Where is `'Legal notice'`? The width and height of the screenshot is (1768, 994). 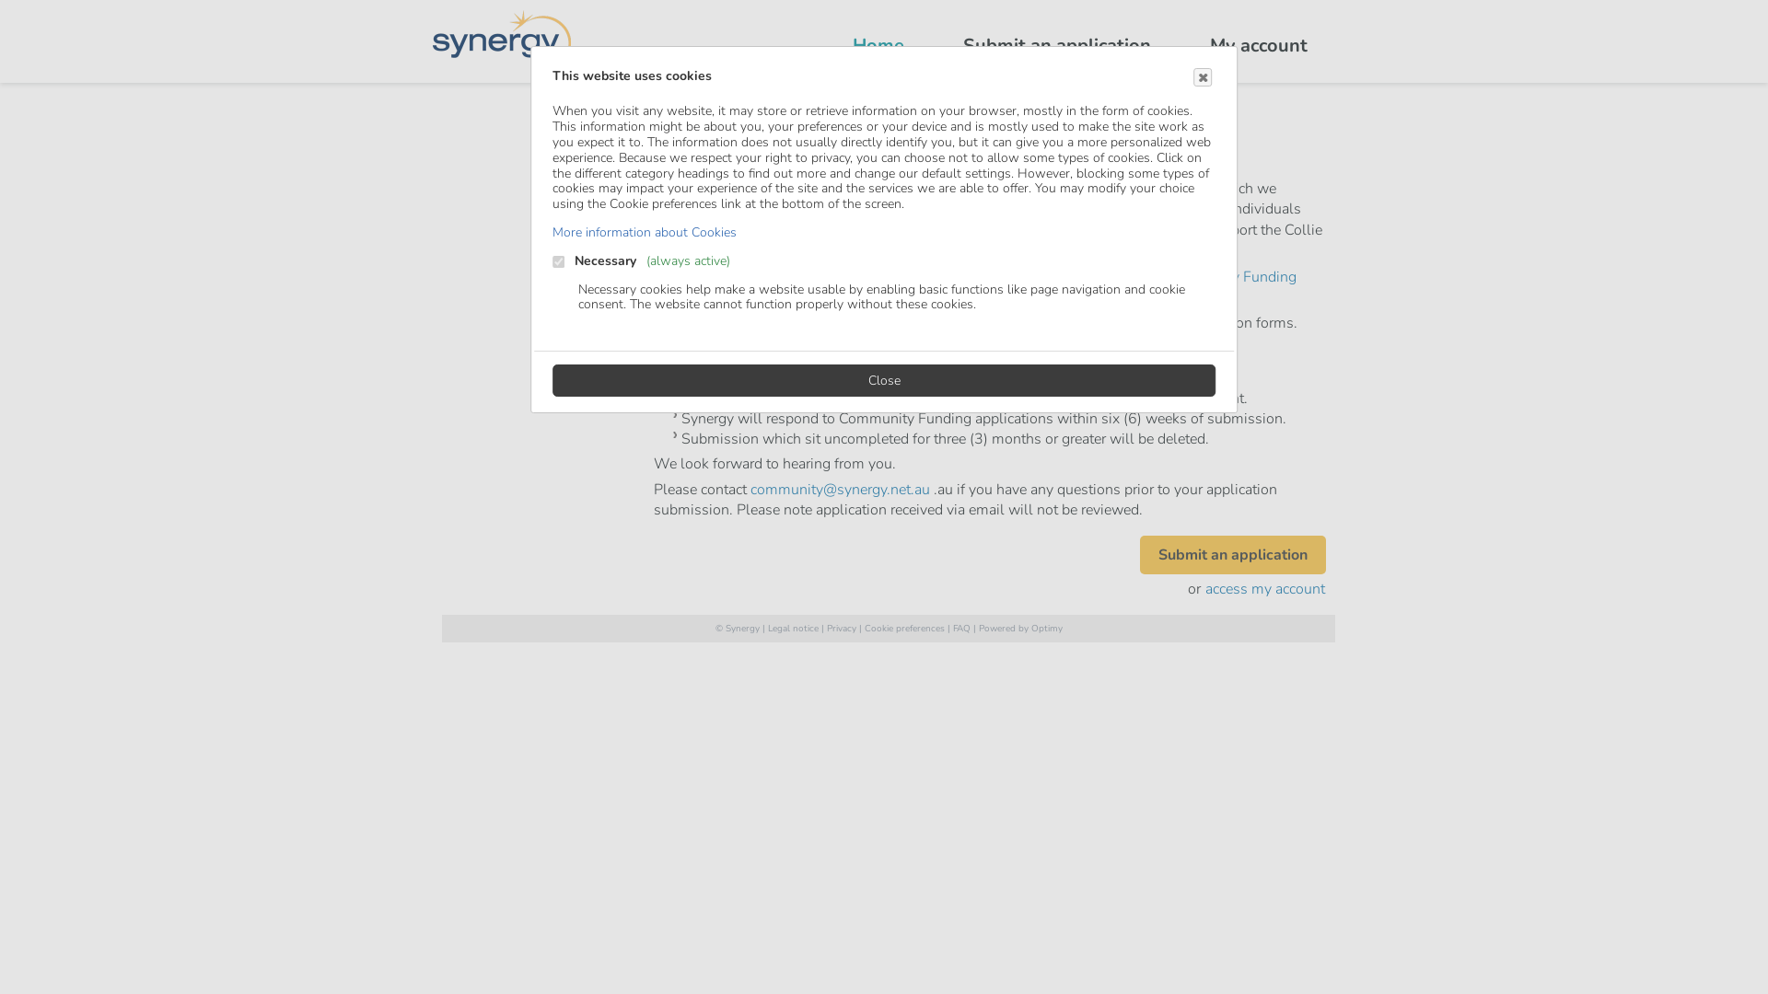 'Legal notice' is located at coordinates (793, 627).